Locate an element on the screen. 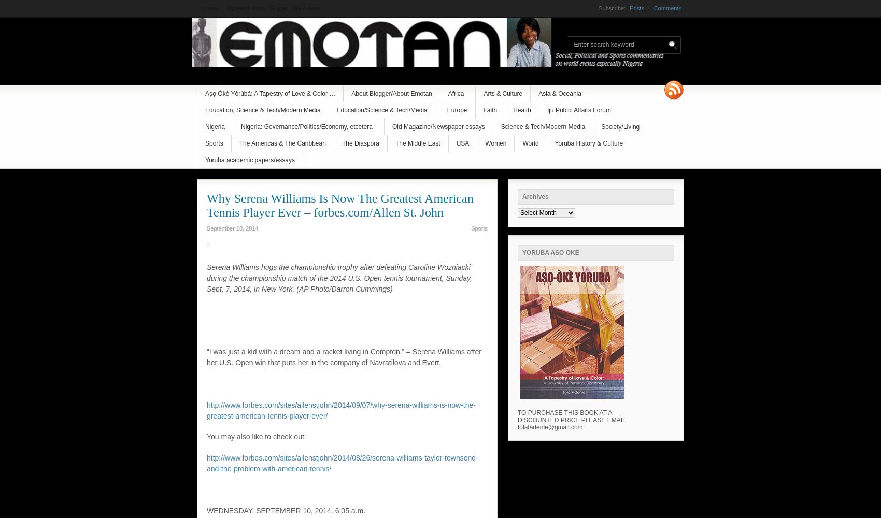  'Africa' is located at coordinates (456, 94).